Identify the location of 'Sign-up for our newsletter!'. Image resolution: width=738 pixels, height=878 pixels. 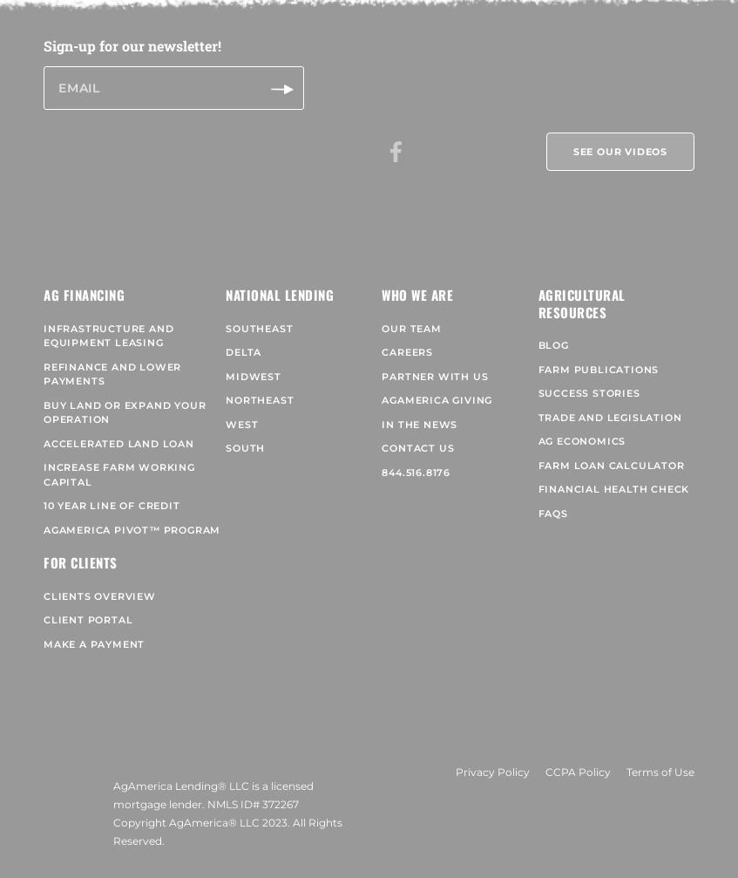
(42, 35).